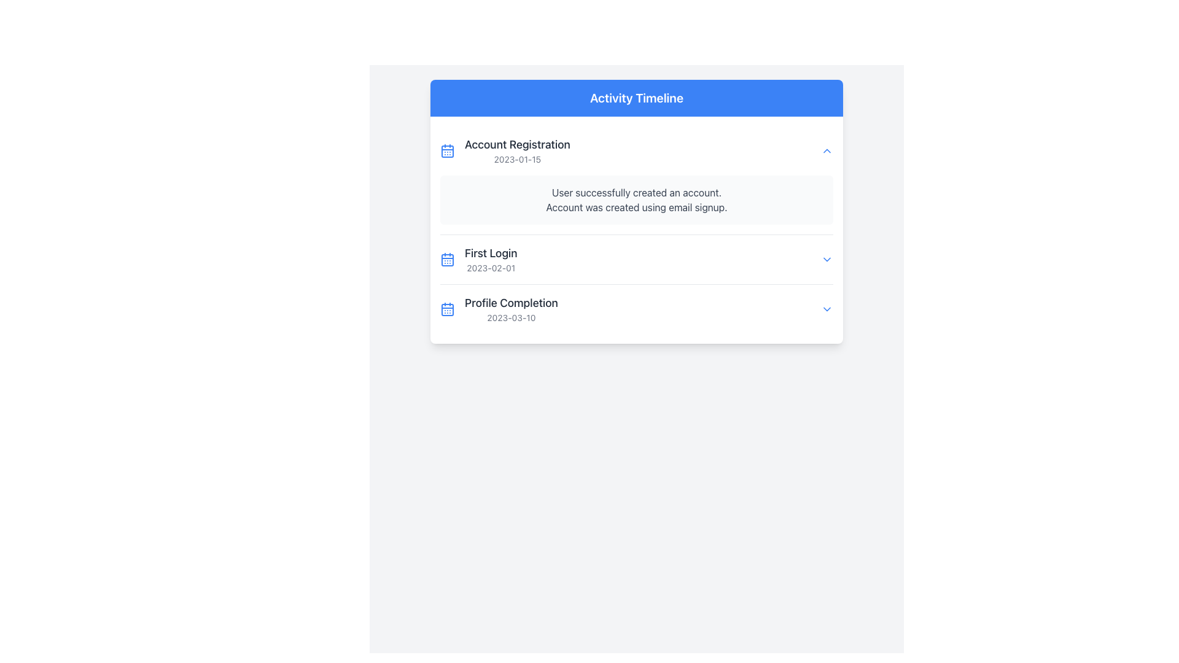 Image resolution: width=1179 pixels, height=663 pixels. What do you see at coordinates (517, 158) in the screenshot?
I see `text content displayed as a date '2023-01-15', located underneath the heading 'Account Registration'` at bounding box center [517, 158].